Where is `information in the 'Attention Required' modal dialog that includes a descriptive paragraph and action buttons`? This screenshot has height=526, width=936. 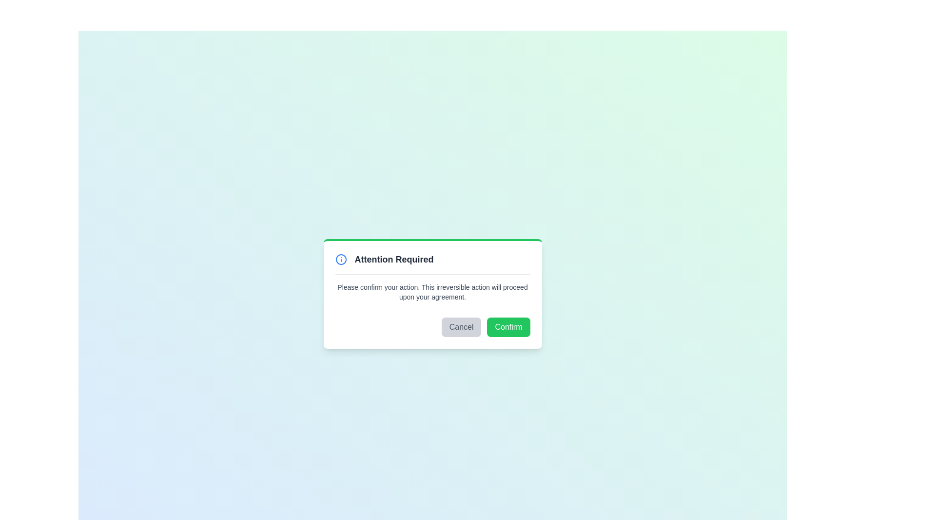 information in the 'Attention Required' modal dialog that includes a descriptive paragraph and action buttons is located at coordinates (432, 293).